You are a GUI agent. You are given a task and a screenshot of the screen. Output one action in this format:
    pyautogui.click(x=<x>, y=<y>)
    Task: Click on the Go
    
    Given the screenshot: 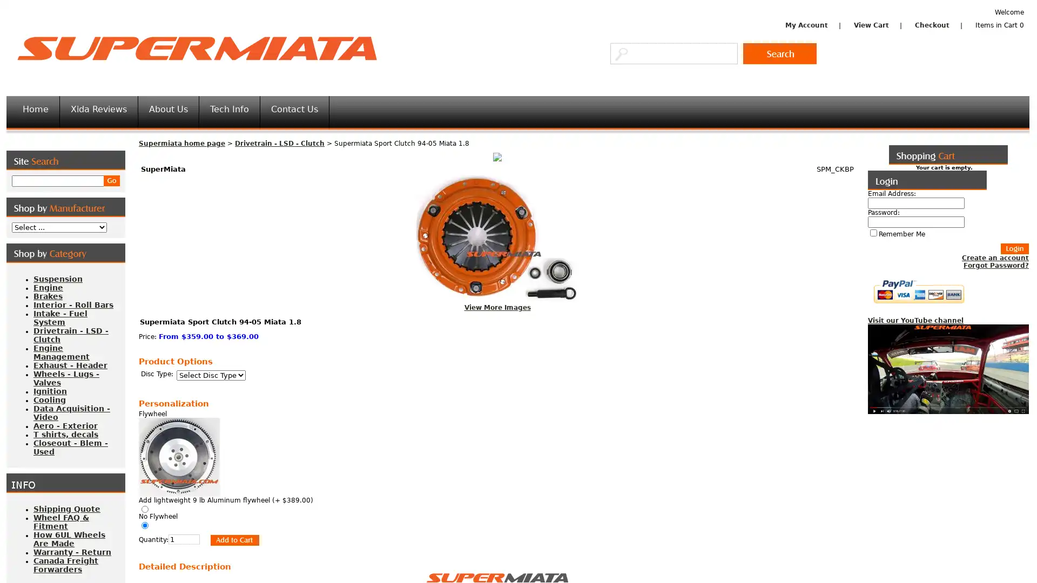 What is the action you would take?
    pyautogui.click(x=780, y=53)
    